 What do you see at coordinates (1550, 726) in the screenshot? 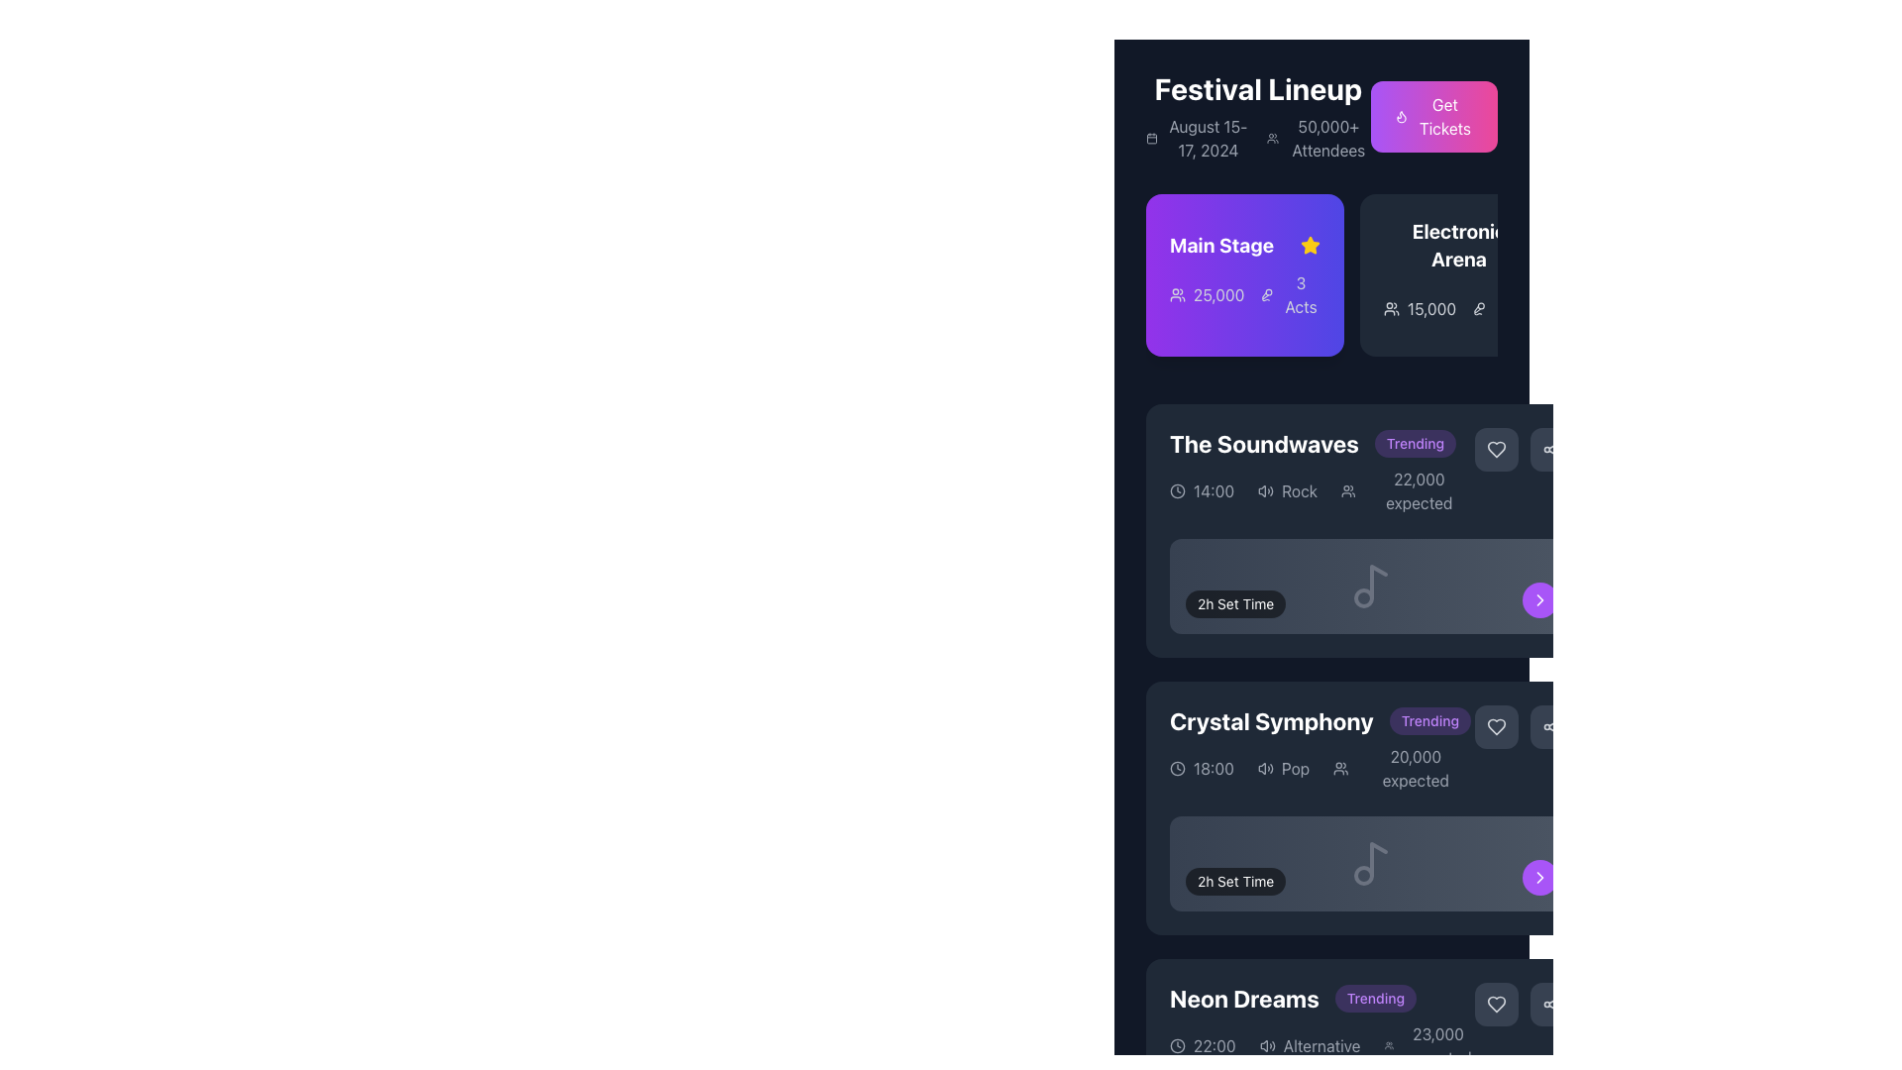
I see `the 'share' icon located in the top-right corner of the 'Crystal Symphony' card` at bounding box center [1550, 726].